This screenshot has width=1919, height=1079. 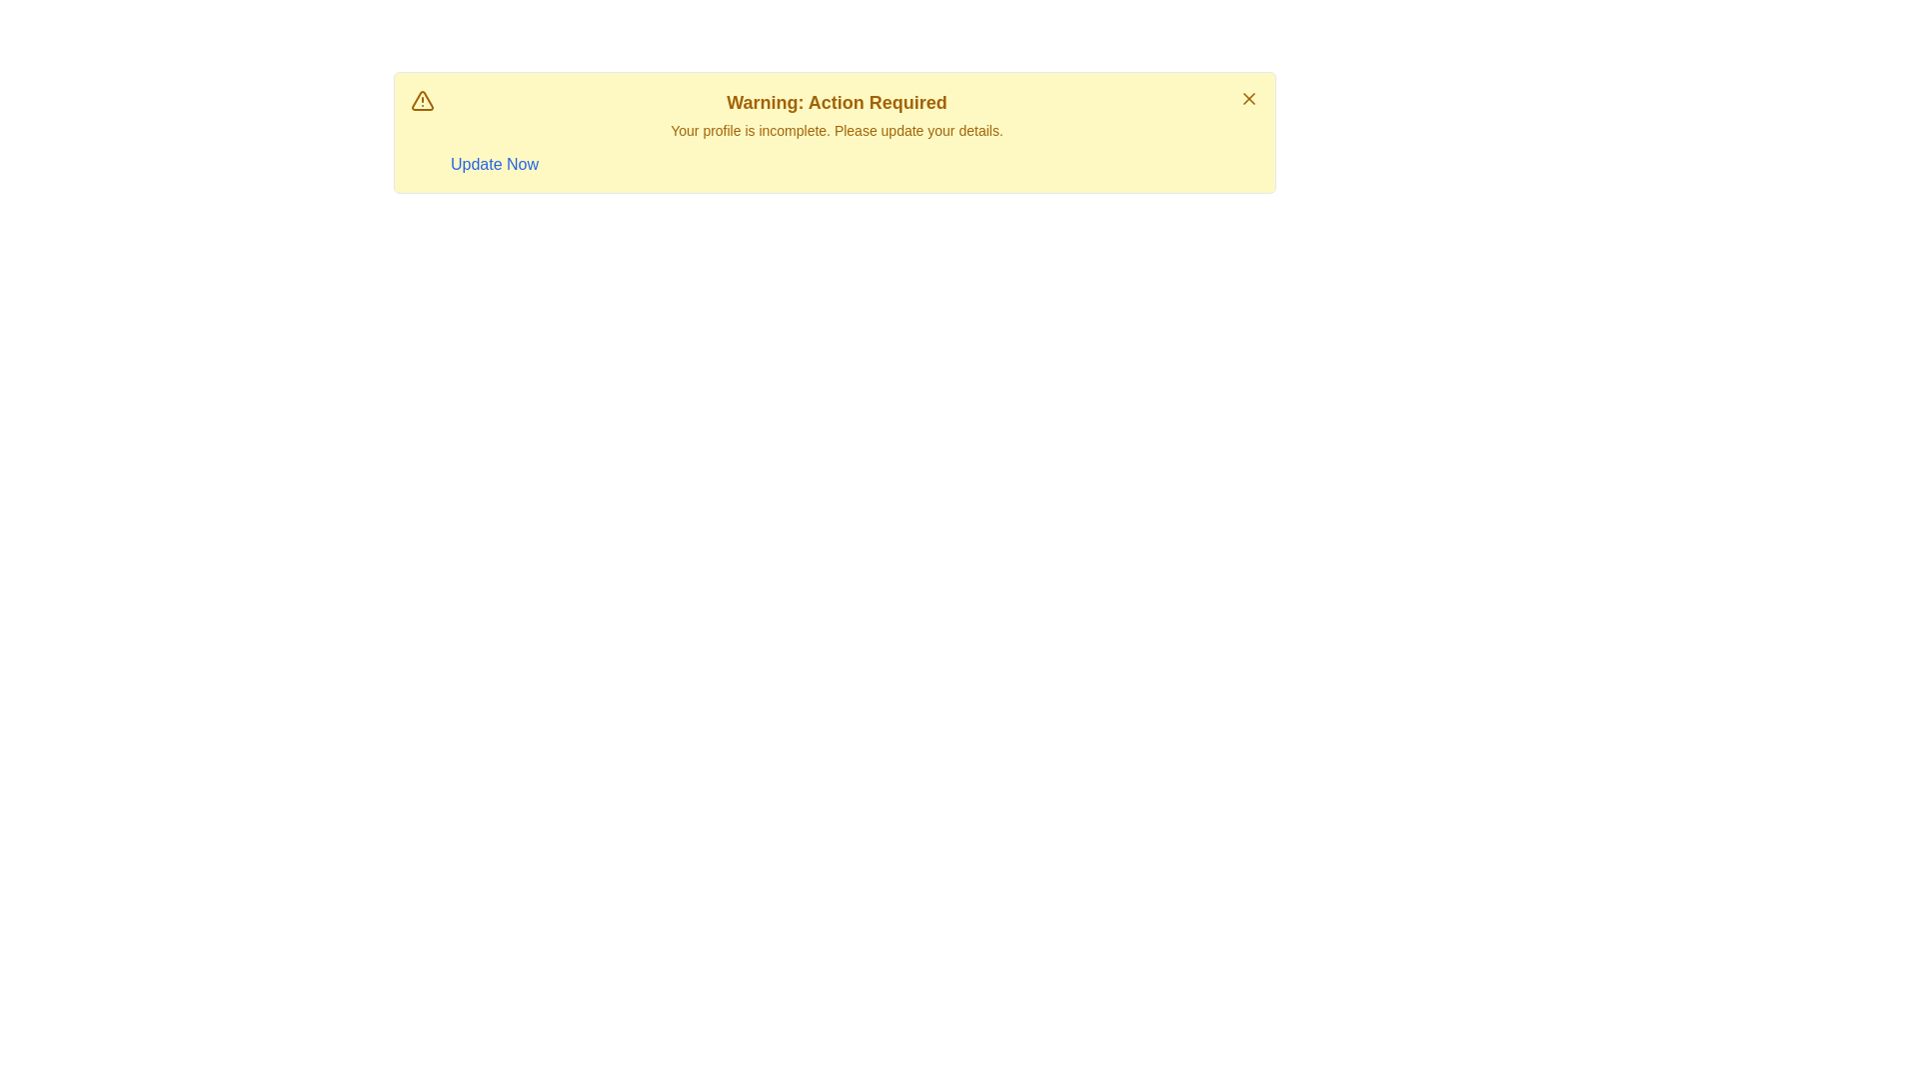 What do you see at coordinates (835, 132) in the screenshot?
I see `the yellow notification banner displaying the warning message 'Warning: Action Required' with the instruction 'Your profile is incomplete. Please update your details.'` at bounding box center [835, 132].